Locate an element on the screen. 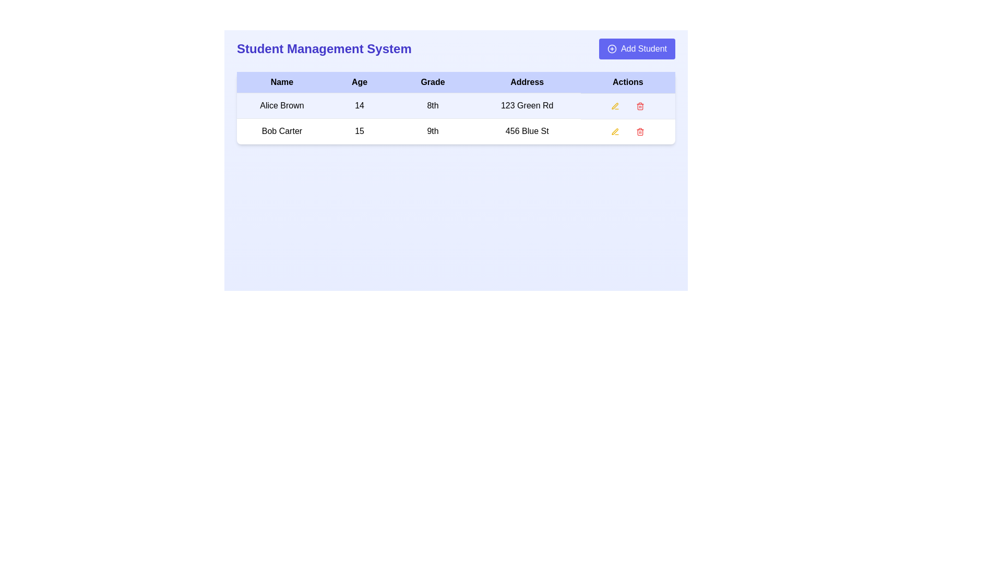 The width and height of the screenshot is (1002, 563). the table cell displaying the number '14' in the second column of the row for 'Alice Brown', which is labeled 'Age' is located at coordinates (360, 106).